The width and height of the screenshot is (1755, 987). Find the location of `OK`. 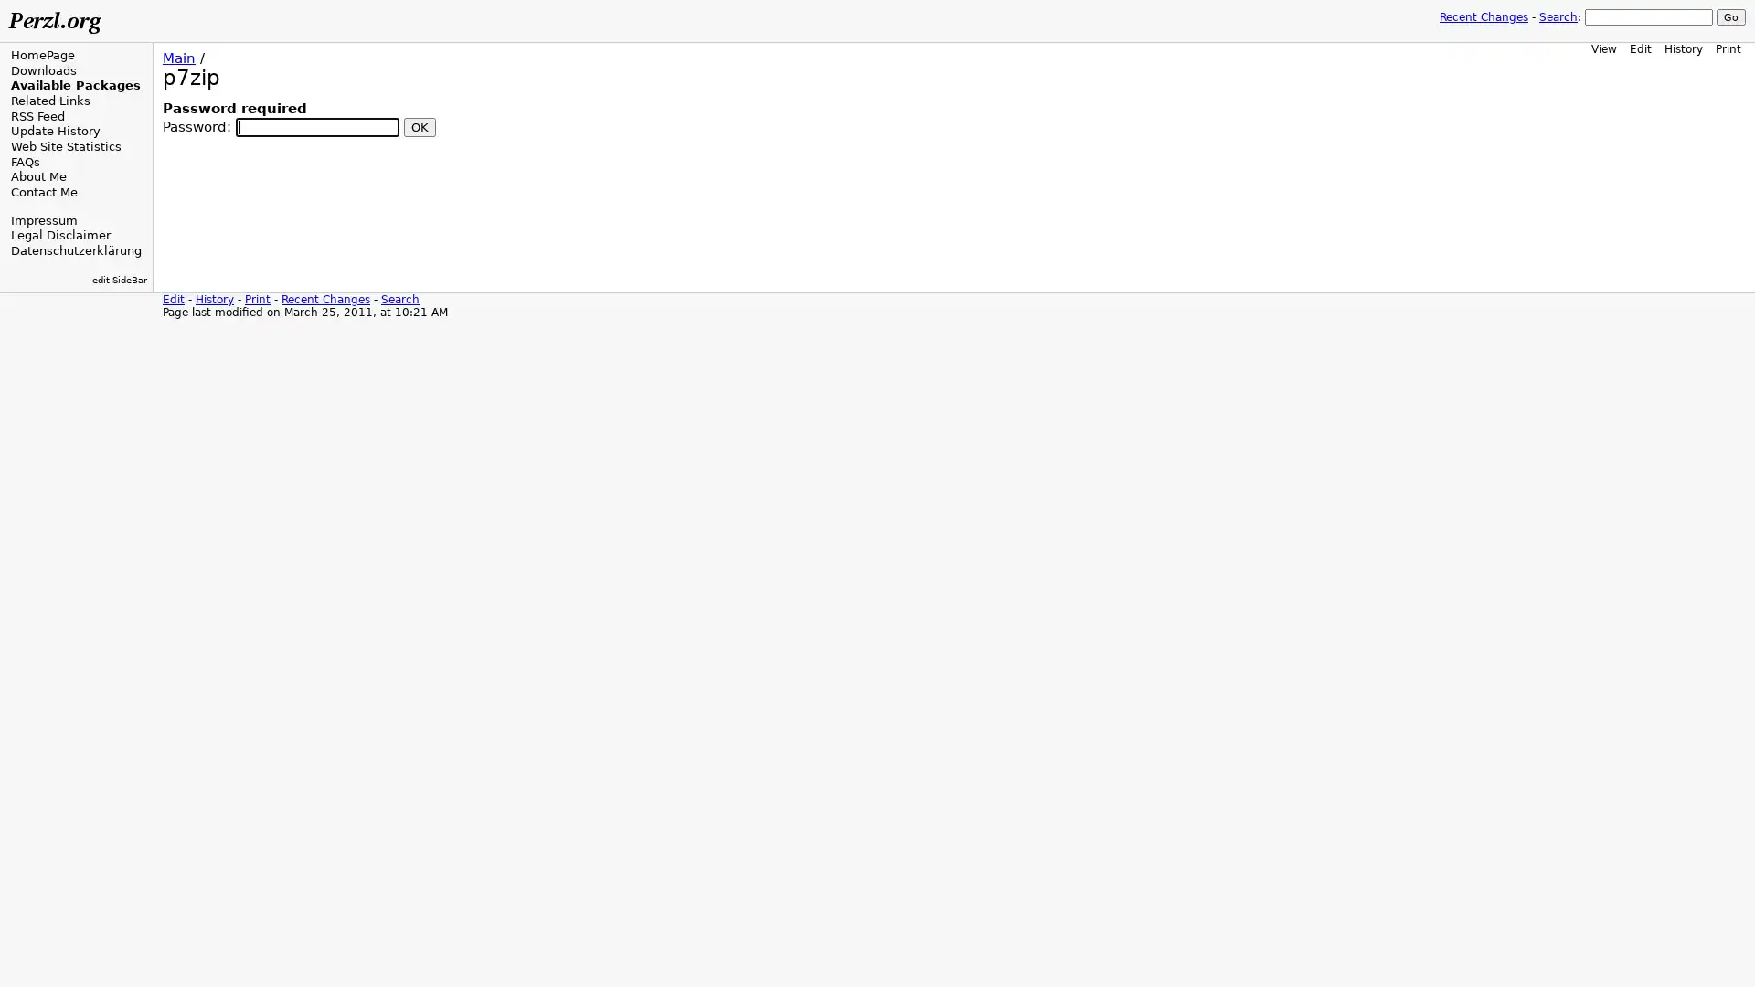

OK is located at coordinates (419, 125).